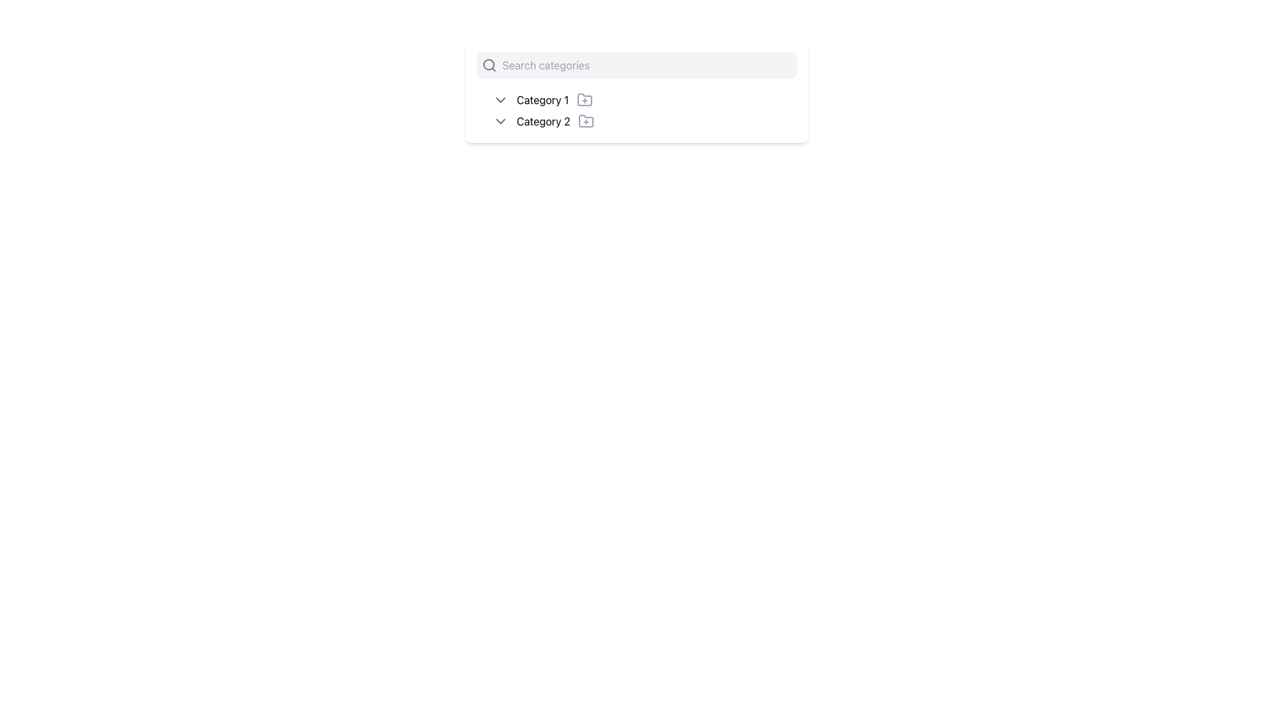 This screenshot has width=1282, height=721. I want to click on the icon to the left of the 'Category 1' text, so click(499, 99).